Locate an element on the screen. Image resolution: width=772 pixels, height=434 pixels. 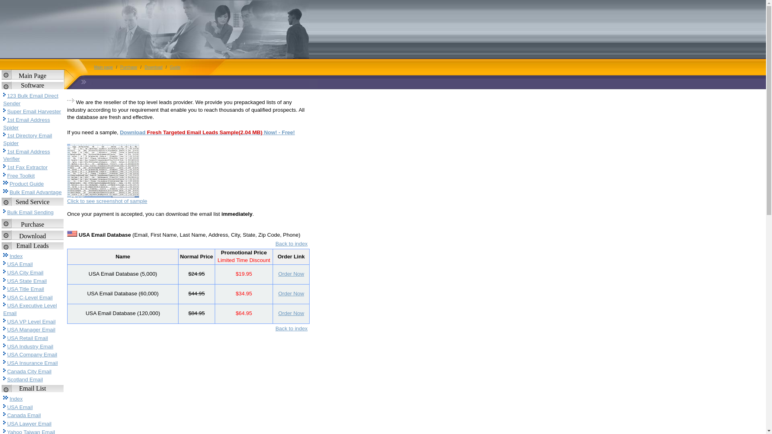
'USA Email' is located at coordinates (20, 407).